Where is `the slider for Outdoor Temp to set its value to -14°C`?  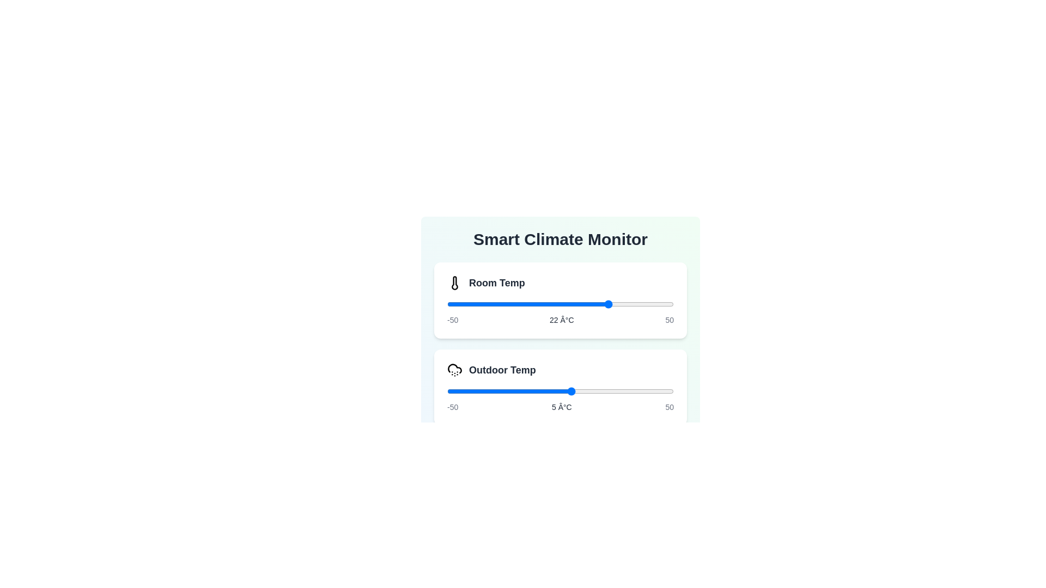 the slider for Outdoor Temp to set its value to -14°C is located at coordinates (528, 390).